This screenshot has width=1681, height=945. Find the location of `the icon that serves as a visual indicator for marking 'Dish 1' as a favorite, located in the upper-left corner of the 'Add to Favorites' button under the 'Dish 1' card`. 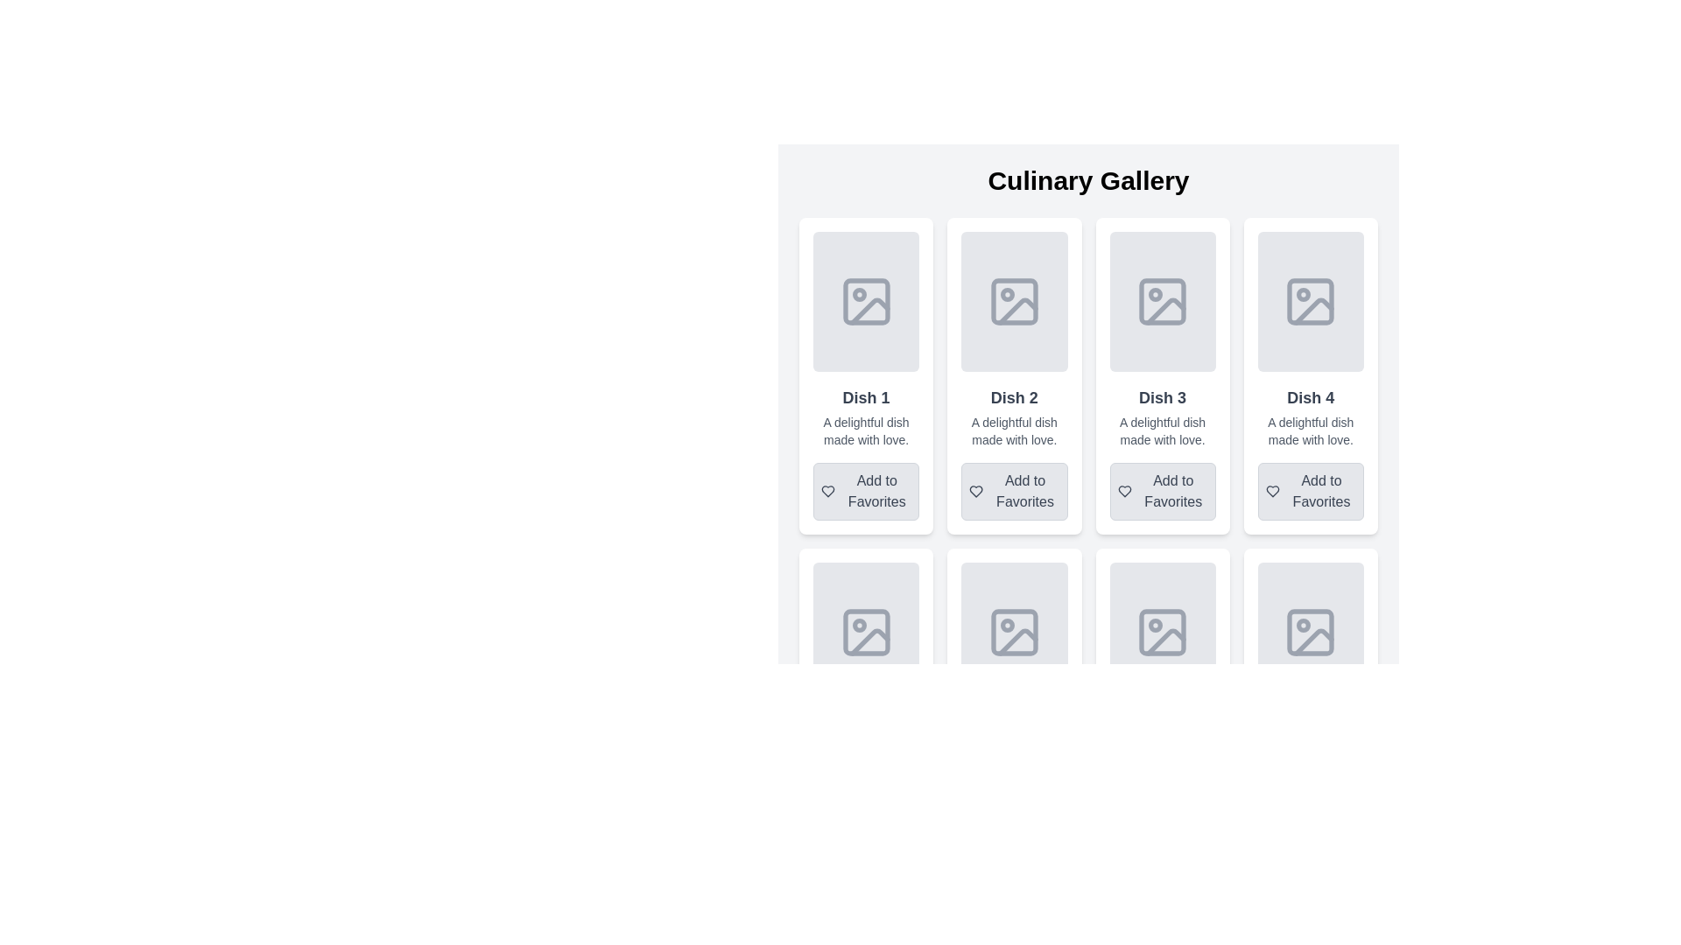

the icon that serves as a visual indicator for marking 'Dish 1' as a favorite, located in the upper-left corner of the 'Add to Favorites' button under the 'Dish 1' card is located at coordinates (827, 492).